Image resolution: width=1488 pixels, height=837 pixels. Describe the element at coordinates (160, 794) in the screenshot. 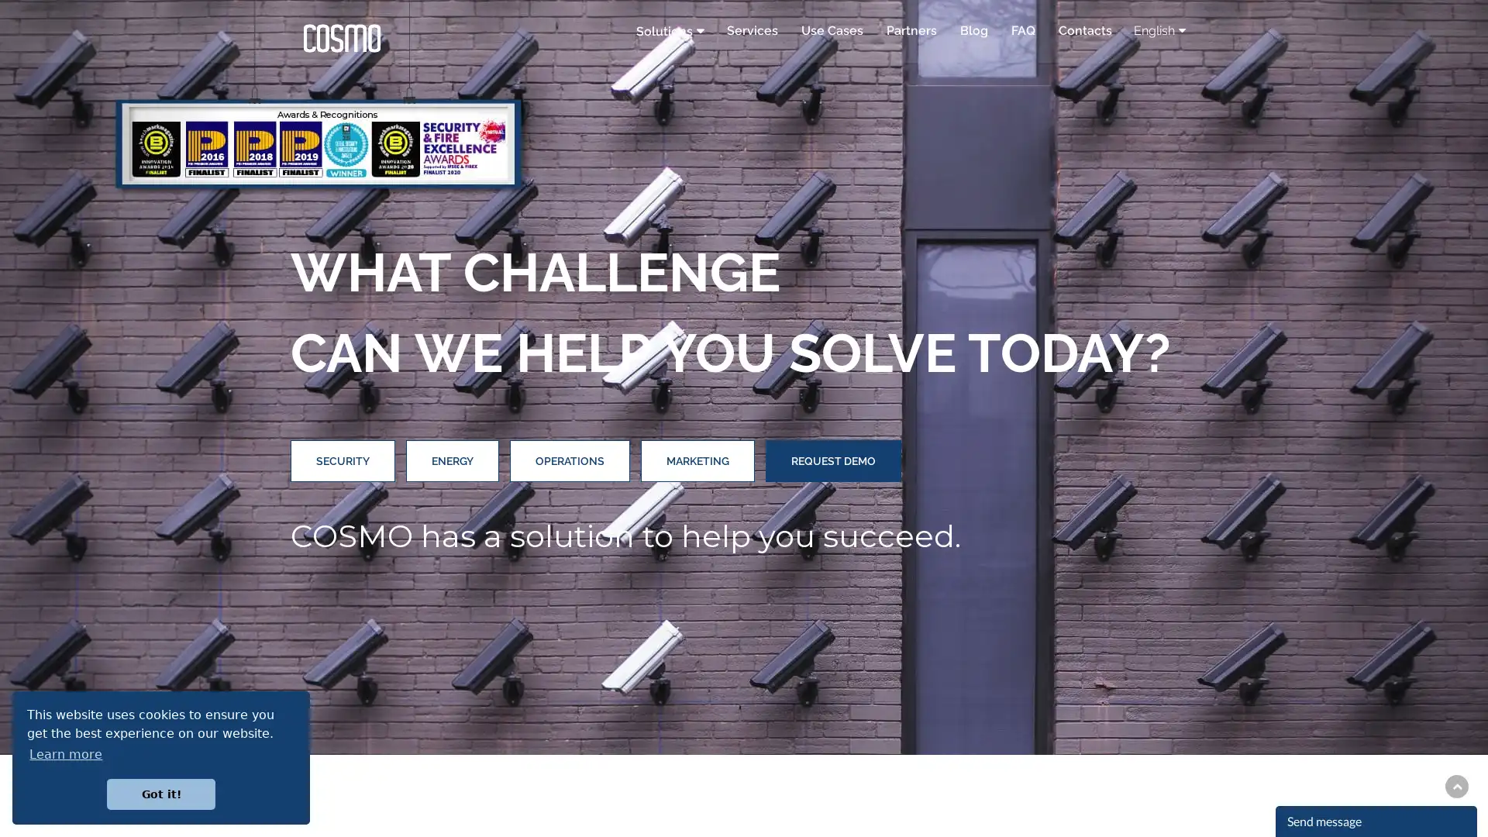

I see `dismiss cookie message` at that location.